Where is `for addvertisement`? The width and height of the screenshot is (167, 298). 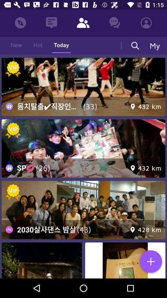
for addvertisement is located at coordinates (83, 86).